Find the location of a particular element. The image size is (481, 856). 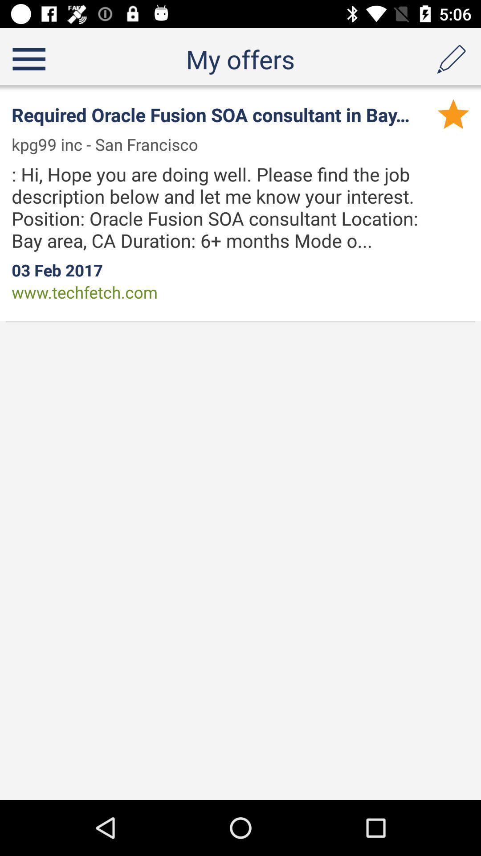

the app above hi hope you is located at coordinates (453, 113).